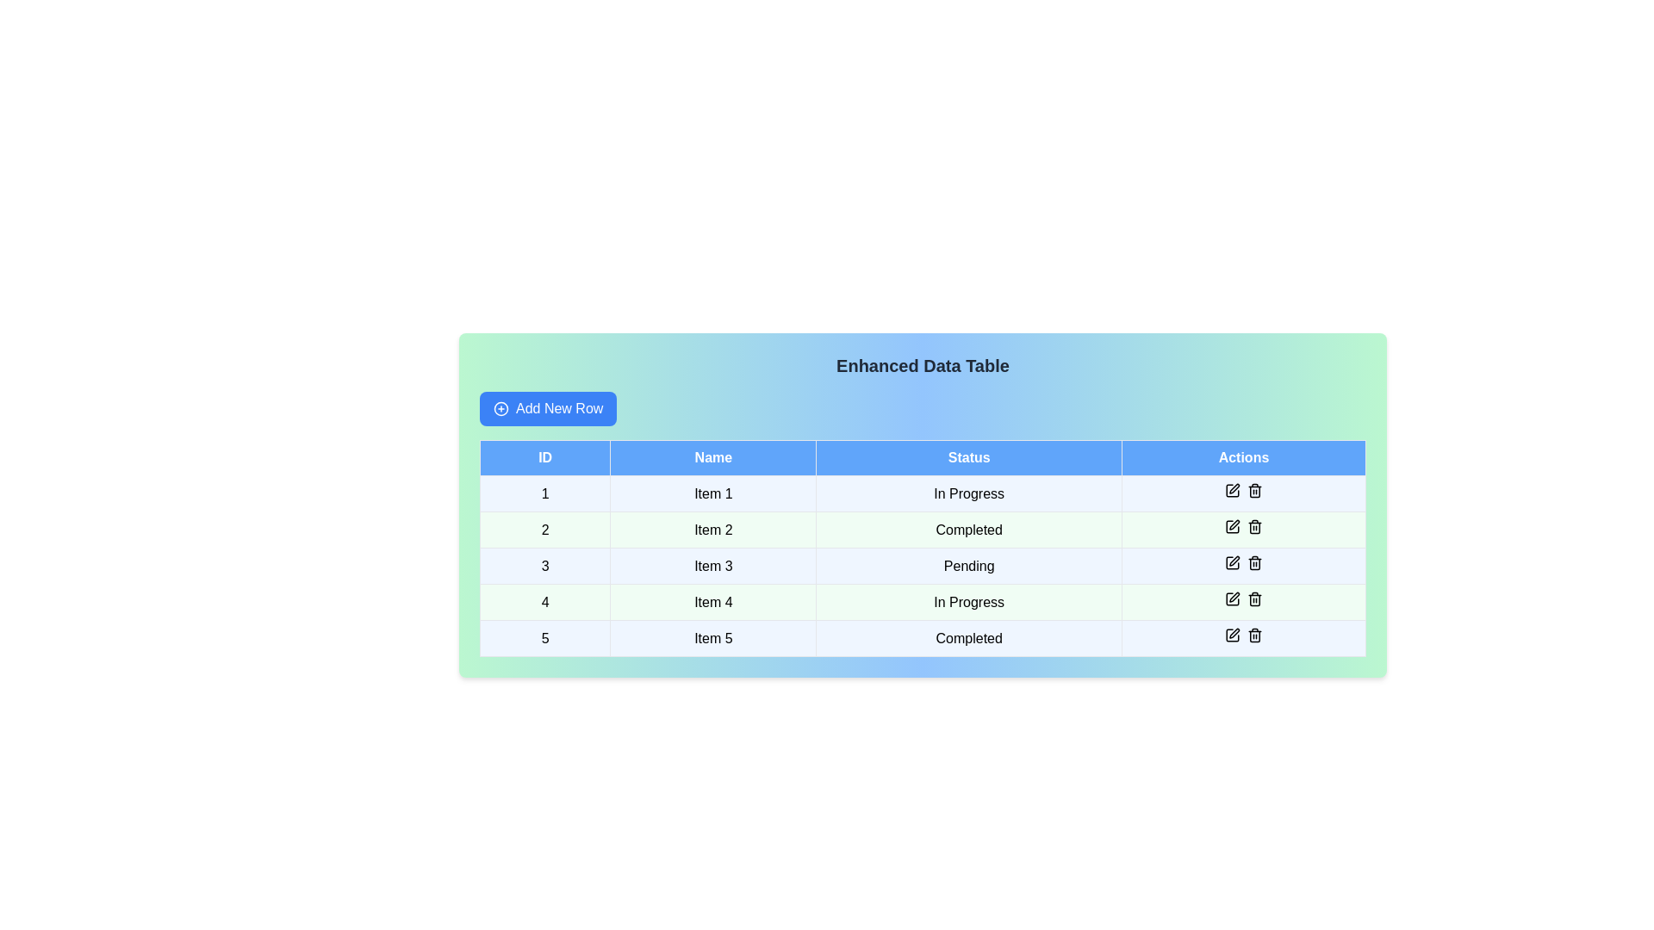  I want to click on the second row of the data table representing 'Item 2', so click(922, 529).